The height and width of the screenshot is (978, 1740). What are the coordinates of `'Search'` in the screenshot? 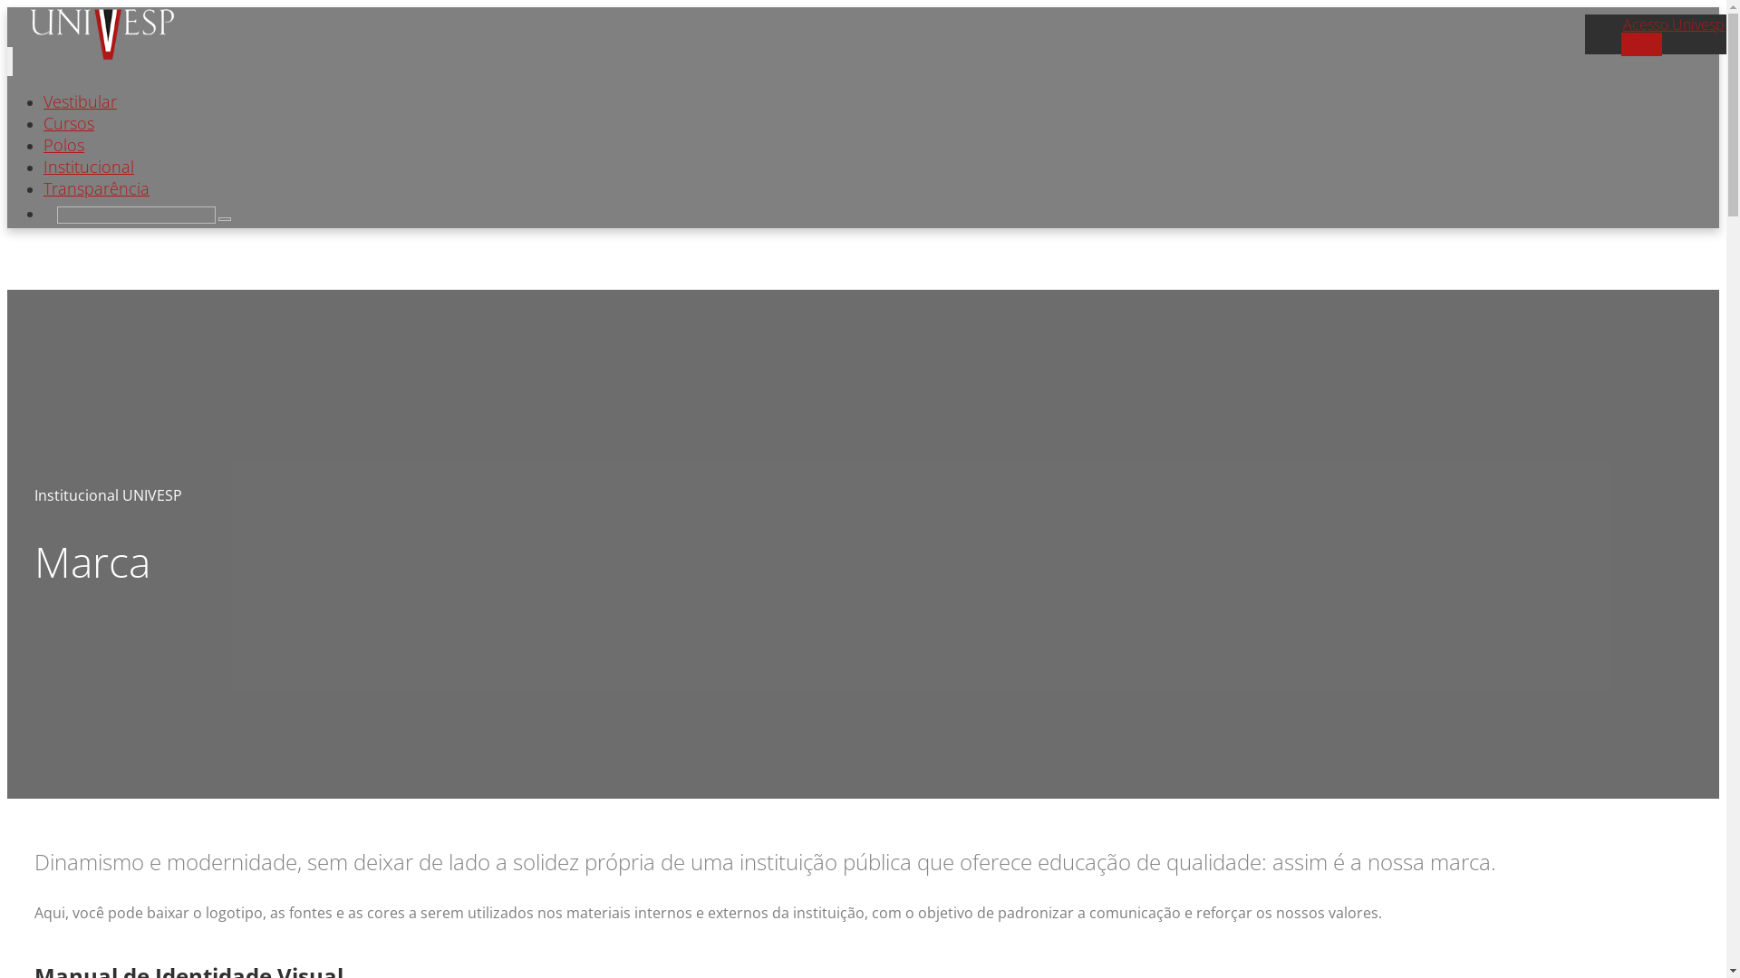 It's located at (224, 218).